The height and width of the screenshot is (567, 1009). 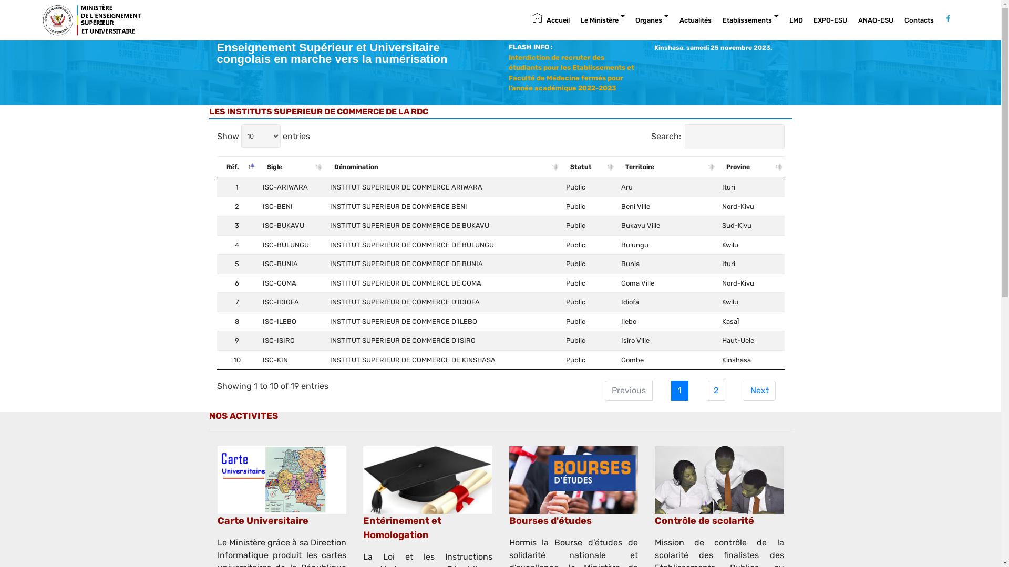 What do you see at coordinates (796, 20) in the screenshot?
I see `'LMD'` at bounding box center [796, 20].